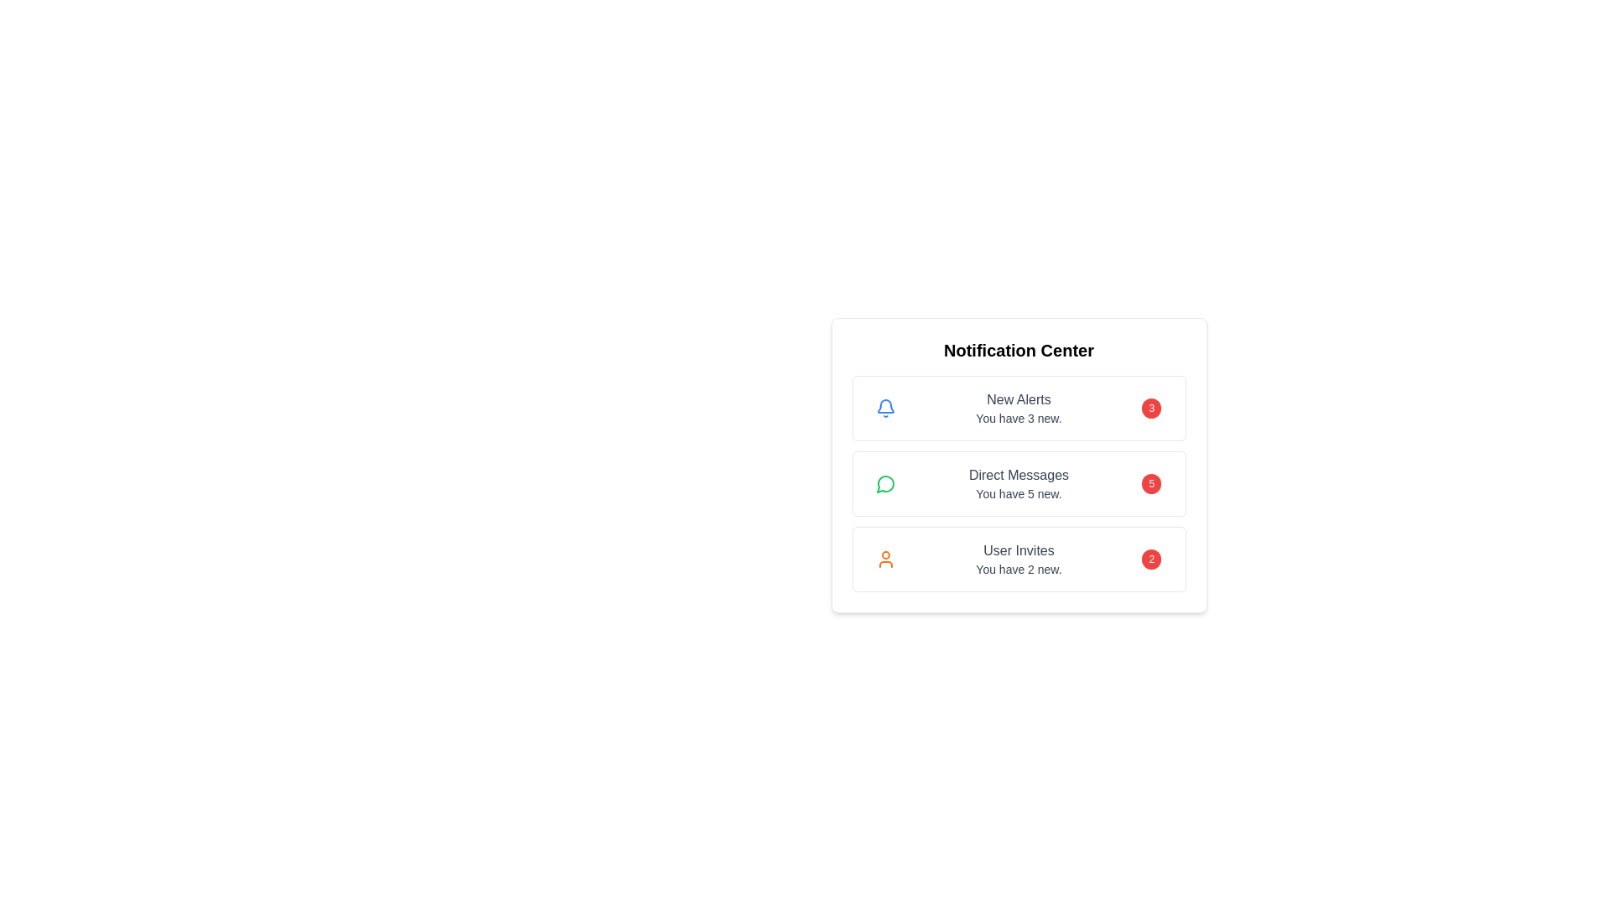 The height and width of the screenshot is (906, 1611). Describe the element at coordinates (885, 484) in the screenshot. I see `the green circular chat bubble icon in the 'Direct Messages' section, located in the second row of the notification list, adjacent to the text 'Direct MessagesYou have 5 new.'` at that location.